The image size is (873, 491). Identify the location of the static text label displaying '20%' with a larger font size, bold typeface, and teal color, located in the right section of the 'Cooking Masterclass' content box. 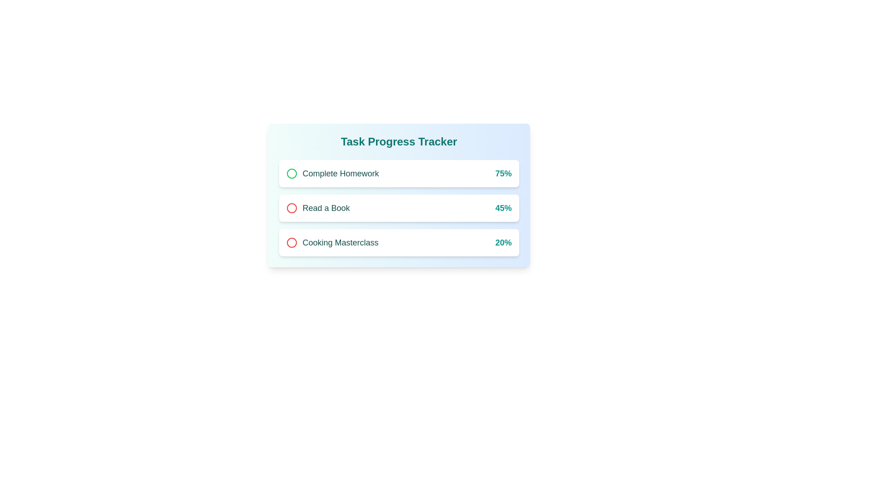
(503, 242).